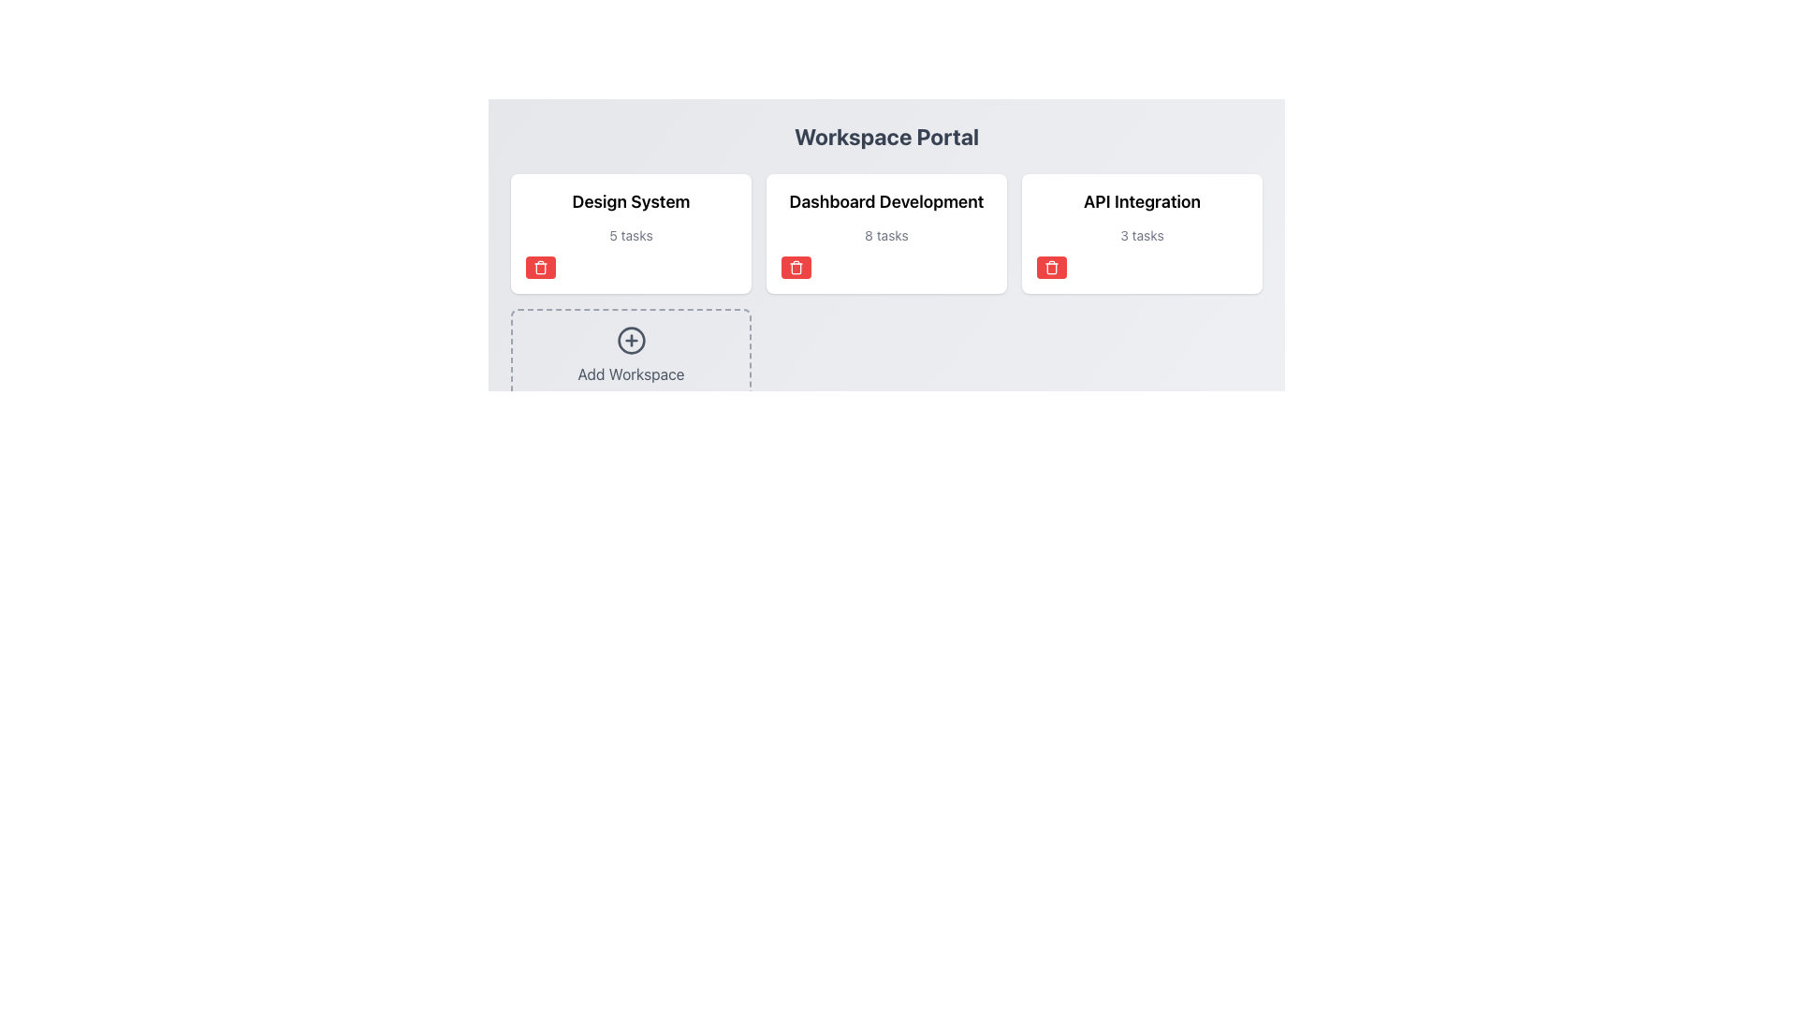 The width and height of the screenshot is (1797, 1011). I want to click on the deletion button located in the bottom-left corner of the 'Design System' workspace card, just below the '5 tasks' text, so click(539, 267).